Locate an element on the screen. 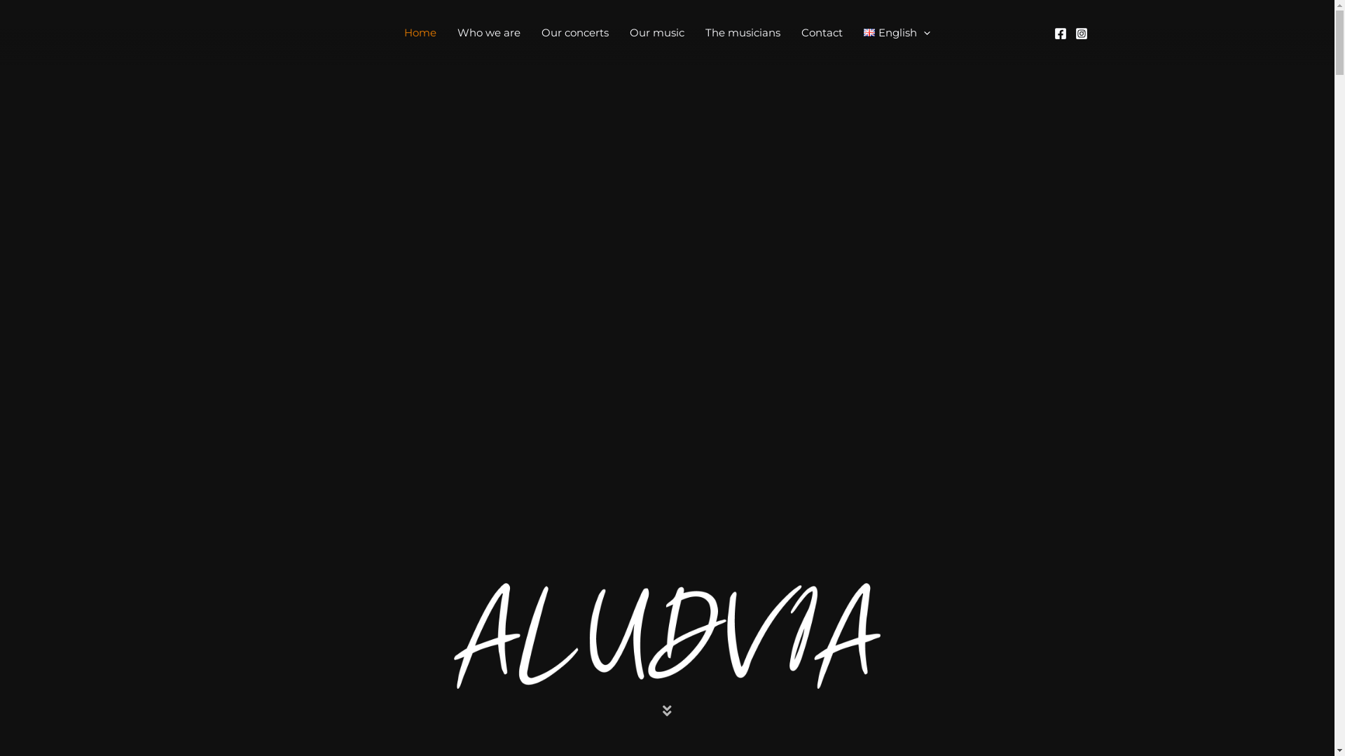 The height and width of the screenshot is (756, 1345). 'English' is located at coordinates (853, 31).